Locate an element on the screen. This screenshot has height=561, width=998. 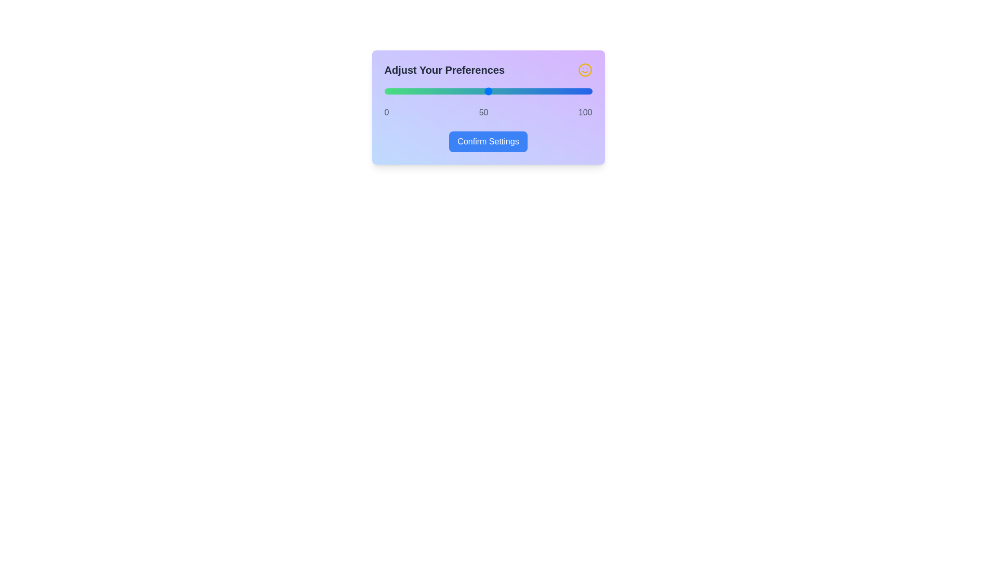
the slider to set the value to 50 is located at coordinates (488, 91).